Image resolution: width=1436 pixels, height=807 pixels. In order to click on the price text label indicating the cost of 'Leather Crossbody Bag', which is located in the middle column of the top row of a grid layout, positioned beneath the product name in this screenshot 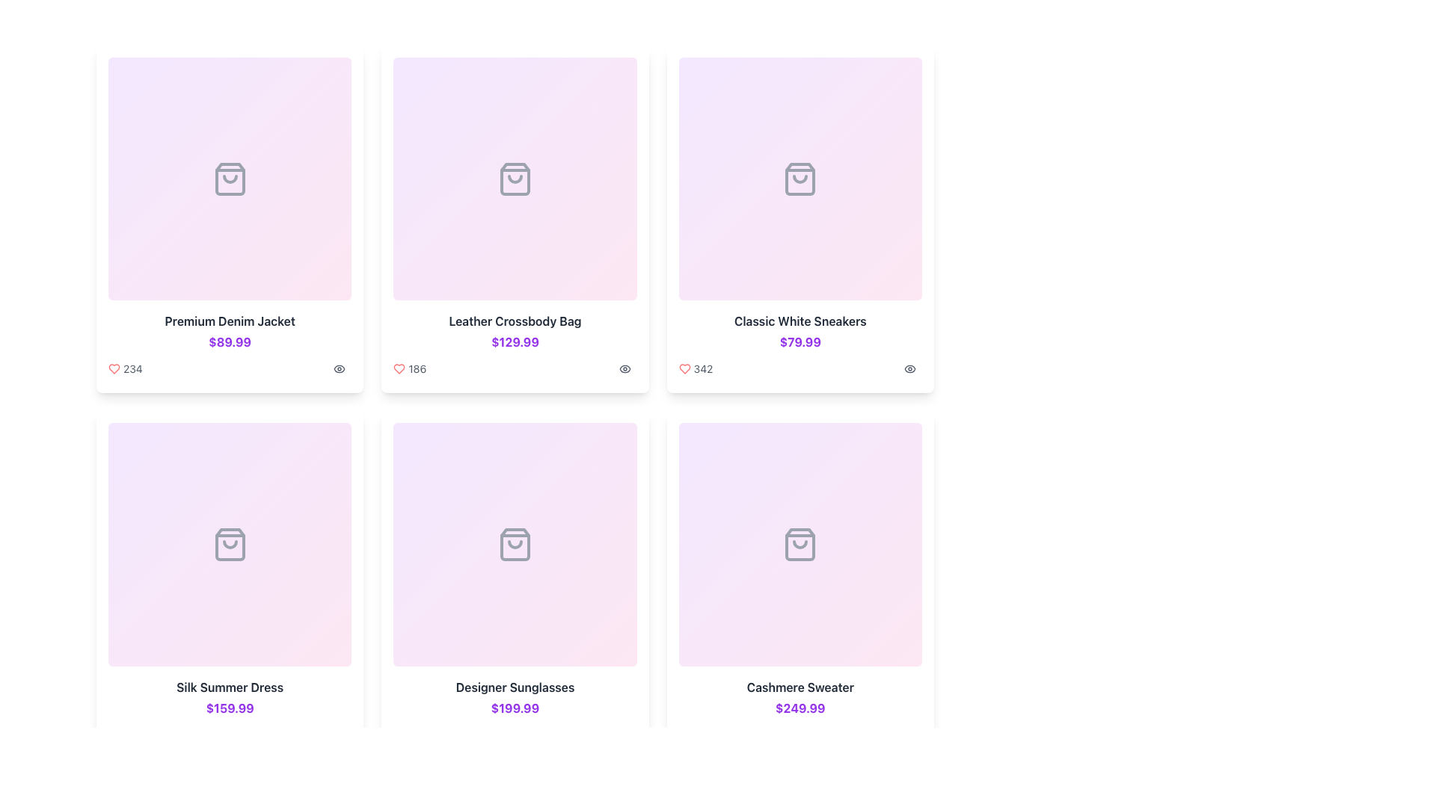, I will do `click(515, 342)`.